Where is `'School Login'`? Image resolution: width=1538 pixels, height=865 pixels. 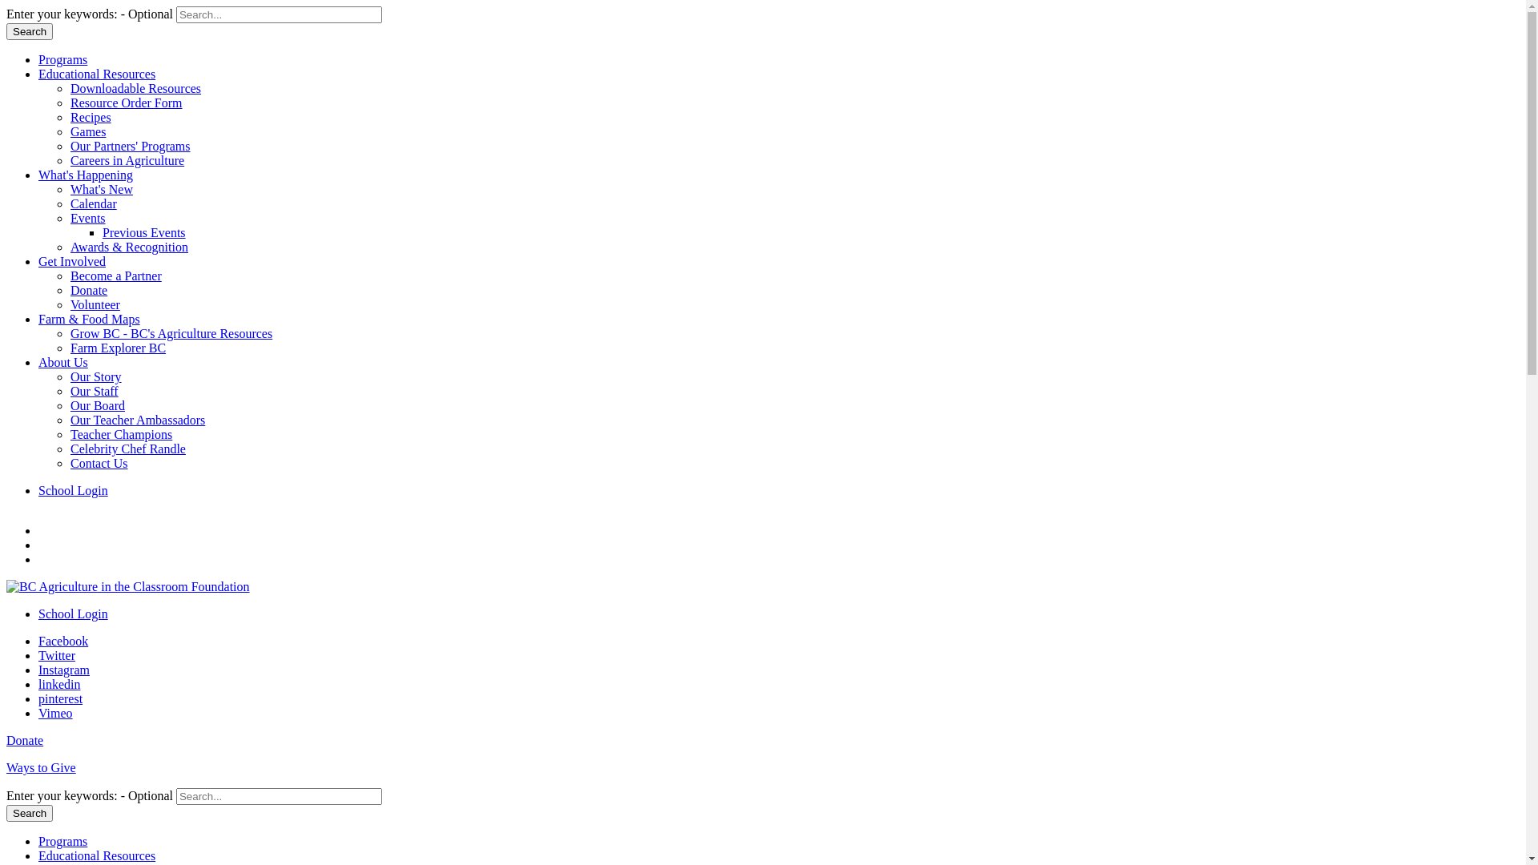 'School Login' is located at coordinates (72, 489).